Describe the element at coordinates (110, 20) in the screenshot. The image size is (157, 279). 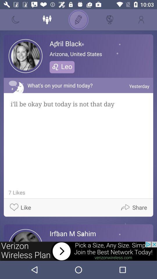
I see `the globe button next to edit button` at that location.